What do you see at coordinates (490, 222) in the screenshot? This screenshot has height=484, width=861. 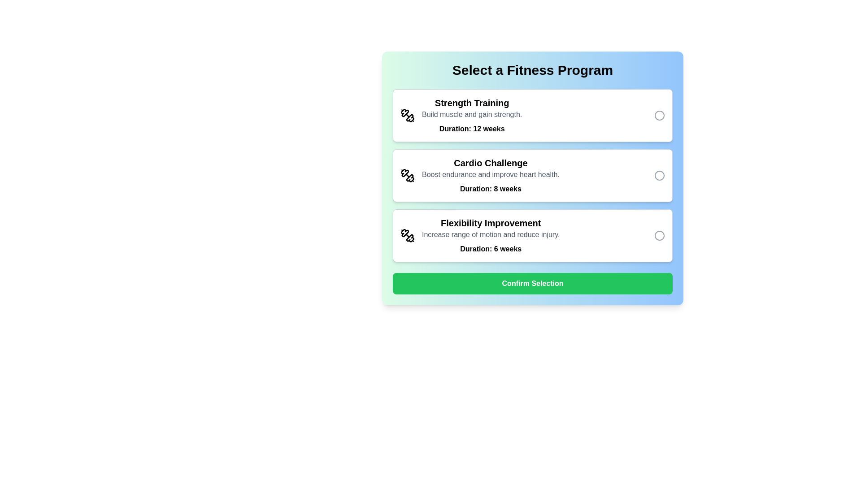 I see `the bolded text heading 'Flexibility Improvement' which is positioned below 'Cardio Challenge' and above the program information text` at bounding box center [490, 222].